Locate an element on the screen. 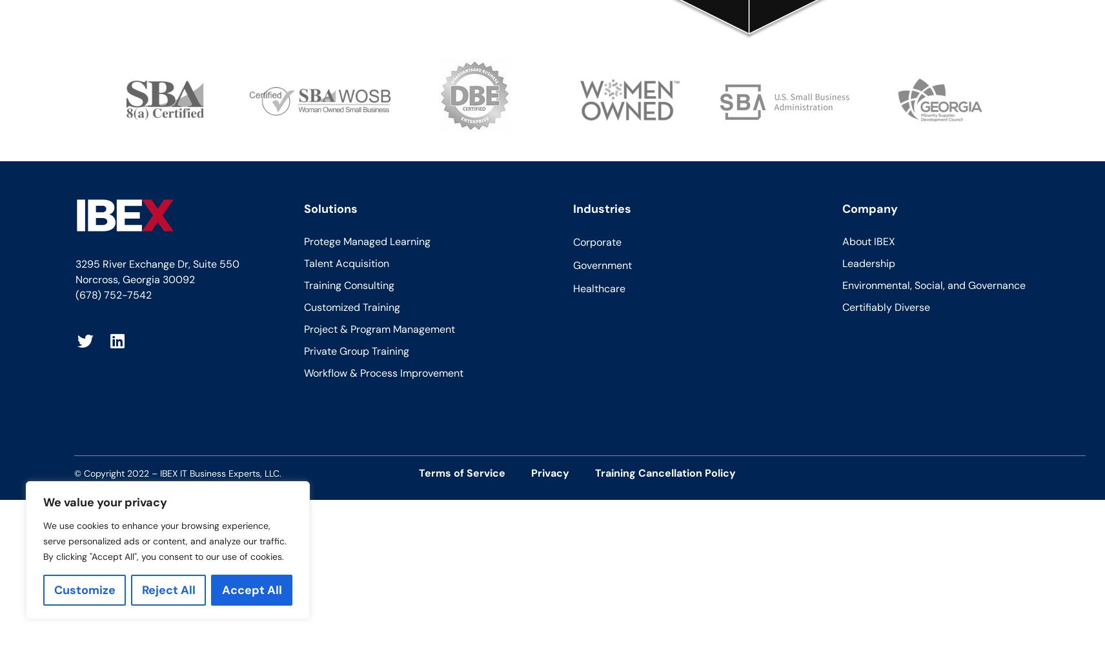 The image size is (1105, 645). 'Healthcare' is located at coordinates (598, 287).